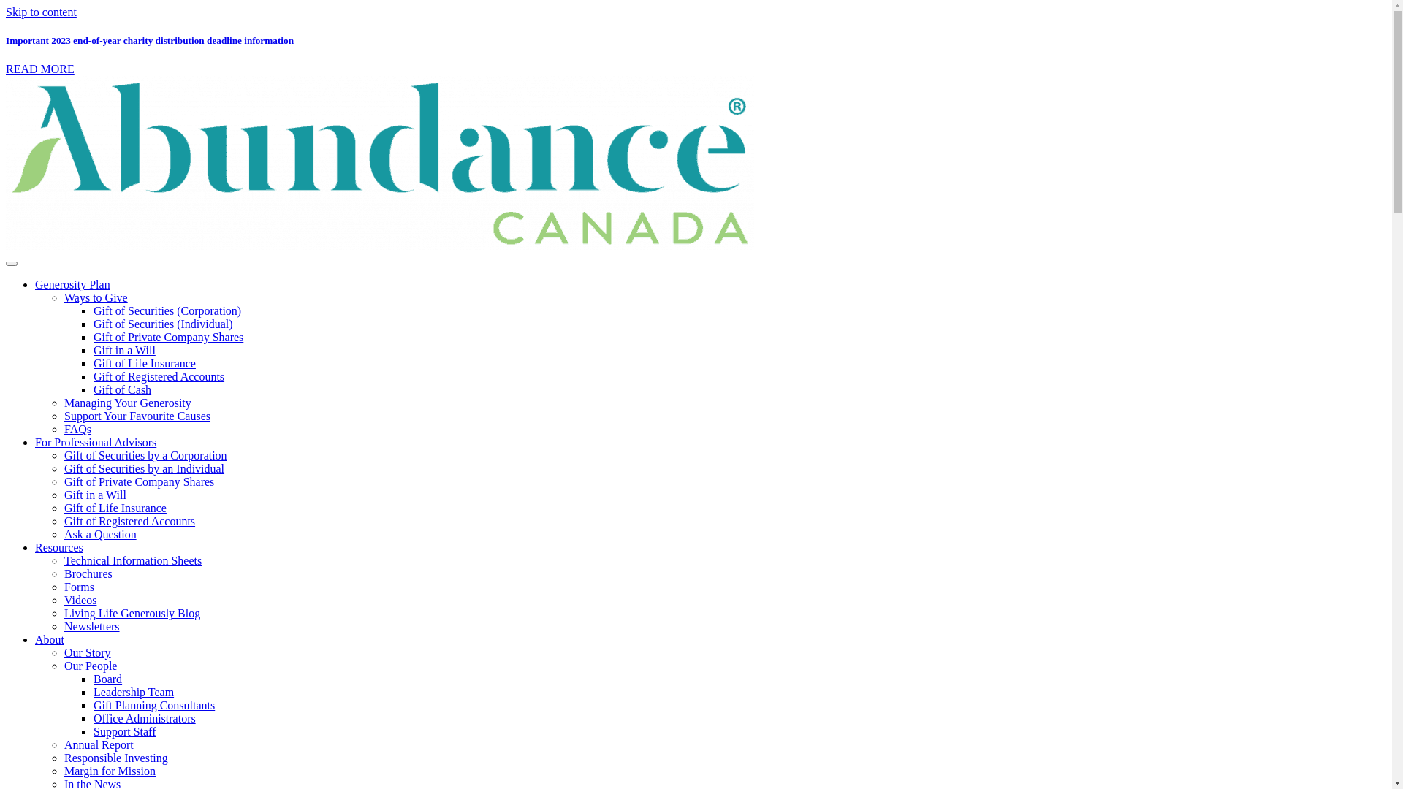 The image size is (1403, 789). What do you see at coordinates (93, 717) in the screenshot?
I see `'Office Administrators'` at bounding box center [93, 717].